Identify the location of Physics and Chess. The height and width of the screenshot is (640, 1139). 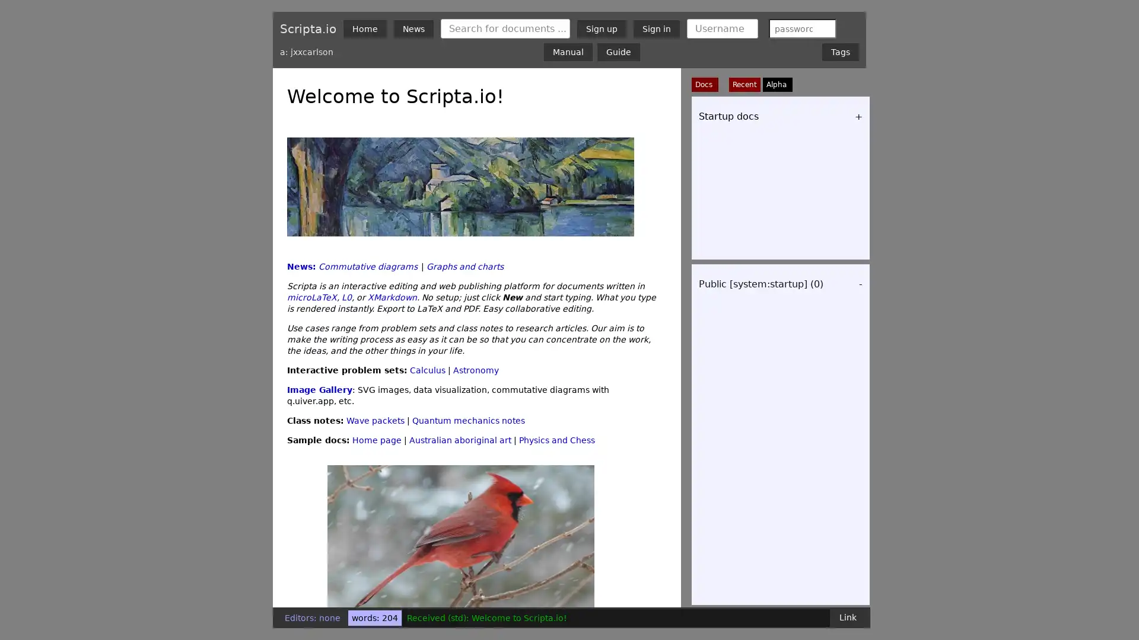
(556, 440).